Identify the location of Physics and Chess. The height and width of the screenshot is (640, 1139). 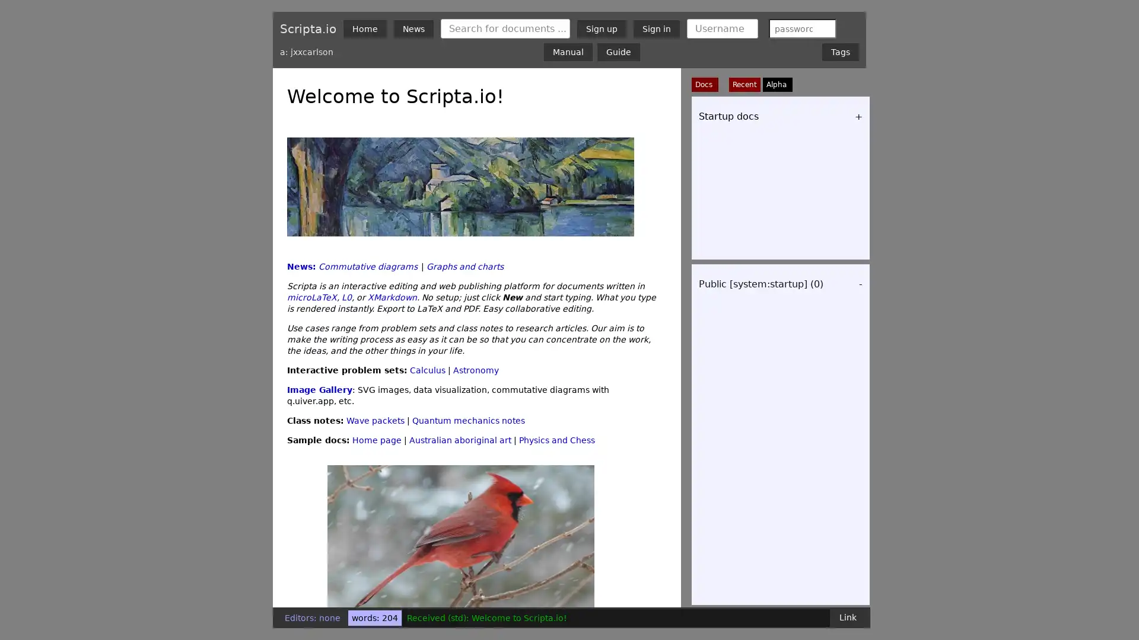
(556, 440).